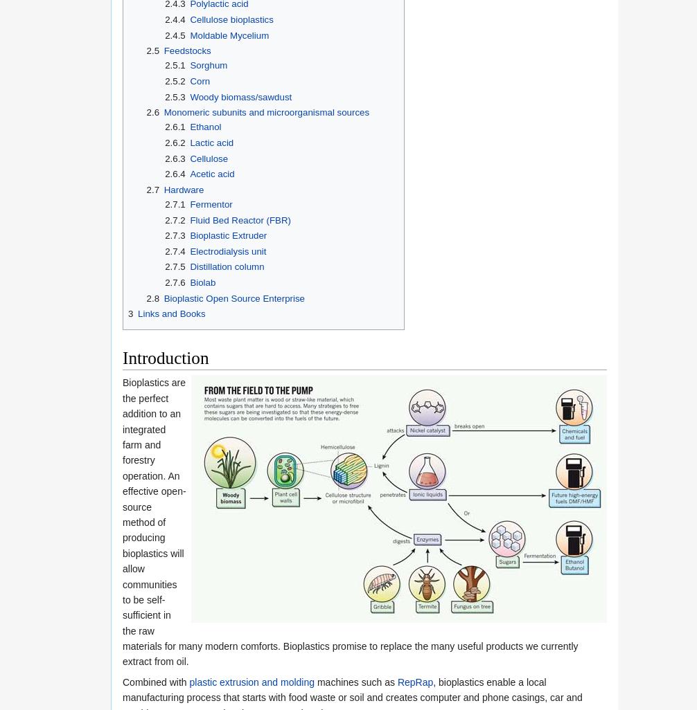  What do you see at coordinates (186, 50) in the screenshot?
I see `'Feedstocks'` at bounding box center [186, 50].